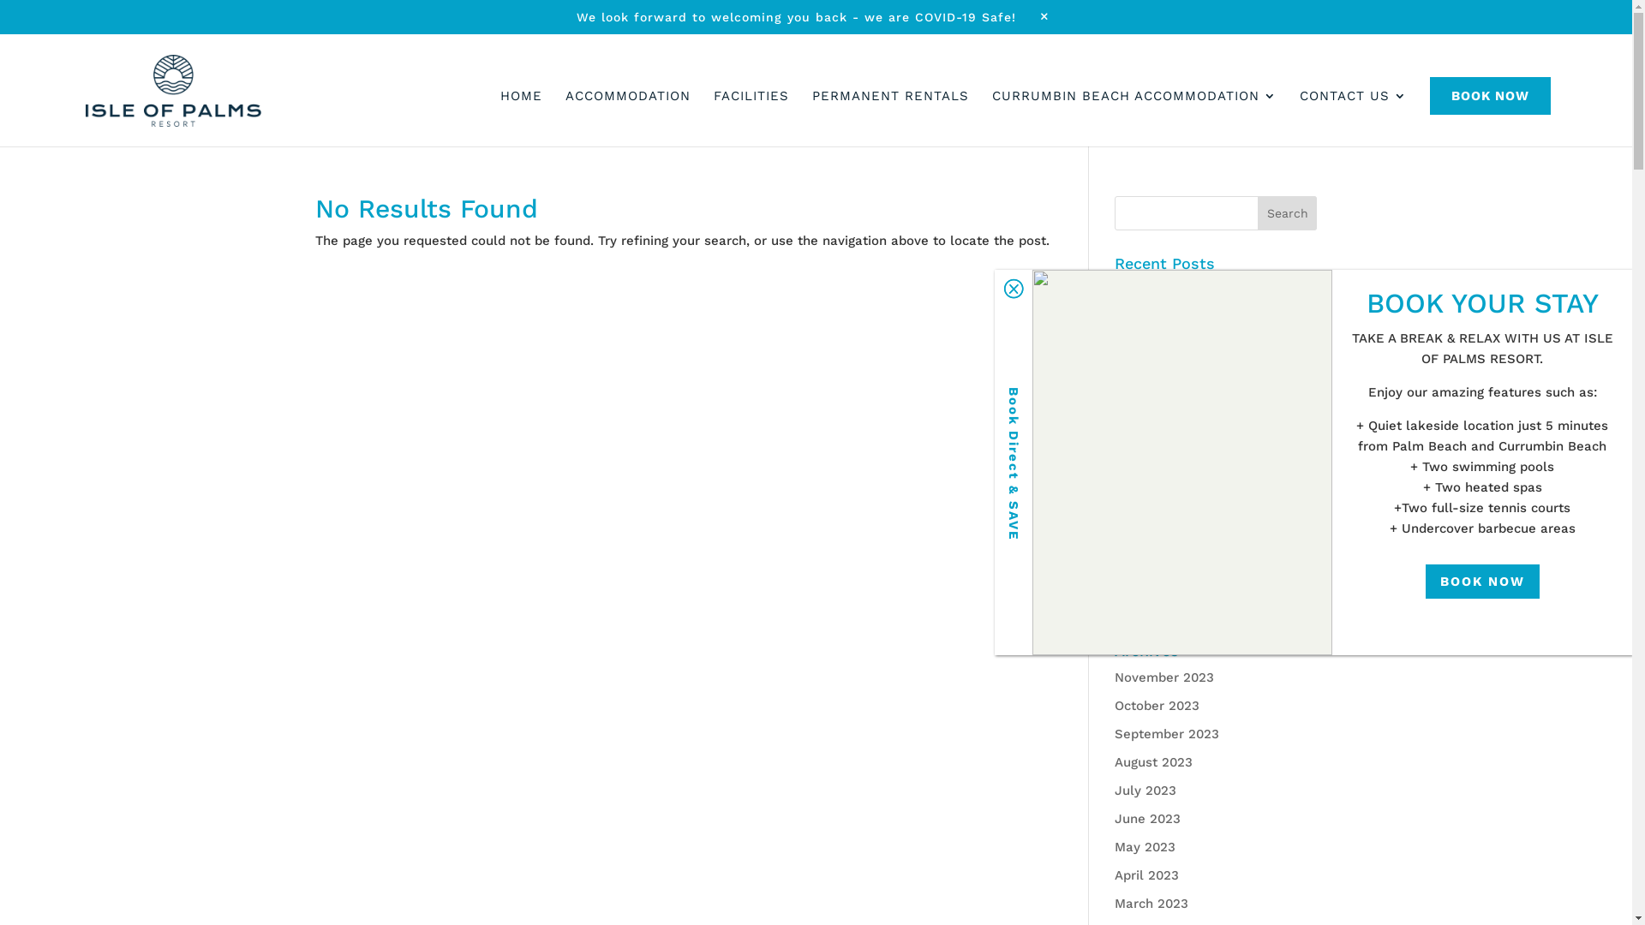 The width and height of the screenshot is (1645, 925). Describe the element at coordinates (1287, 212) in the screenshot. I see `'Search'` at that location.